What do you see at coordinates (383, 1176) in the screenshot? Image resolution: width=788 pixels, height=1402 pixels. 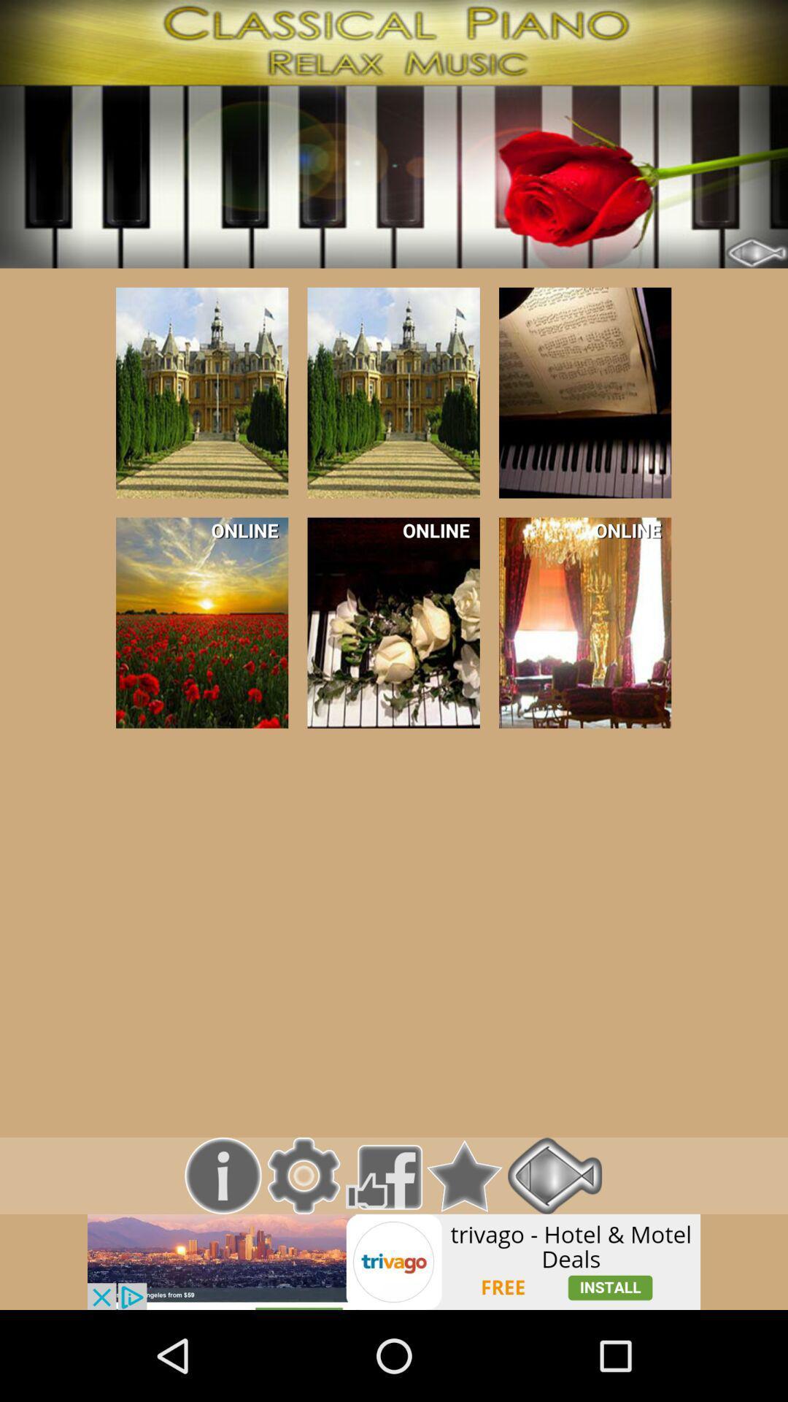 I see `facebook` at bounding box center [383, 1176].